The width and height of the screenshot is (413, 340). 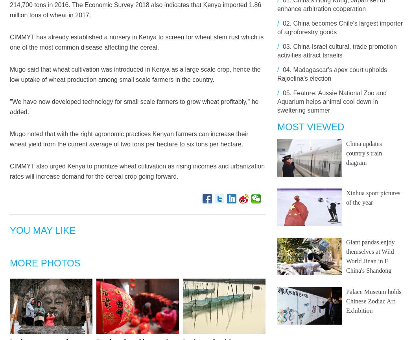 I want to click on 'China becomes Chile's largest importer of agroforestry goods', so click(x=339, y=28).